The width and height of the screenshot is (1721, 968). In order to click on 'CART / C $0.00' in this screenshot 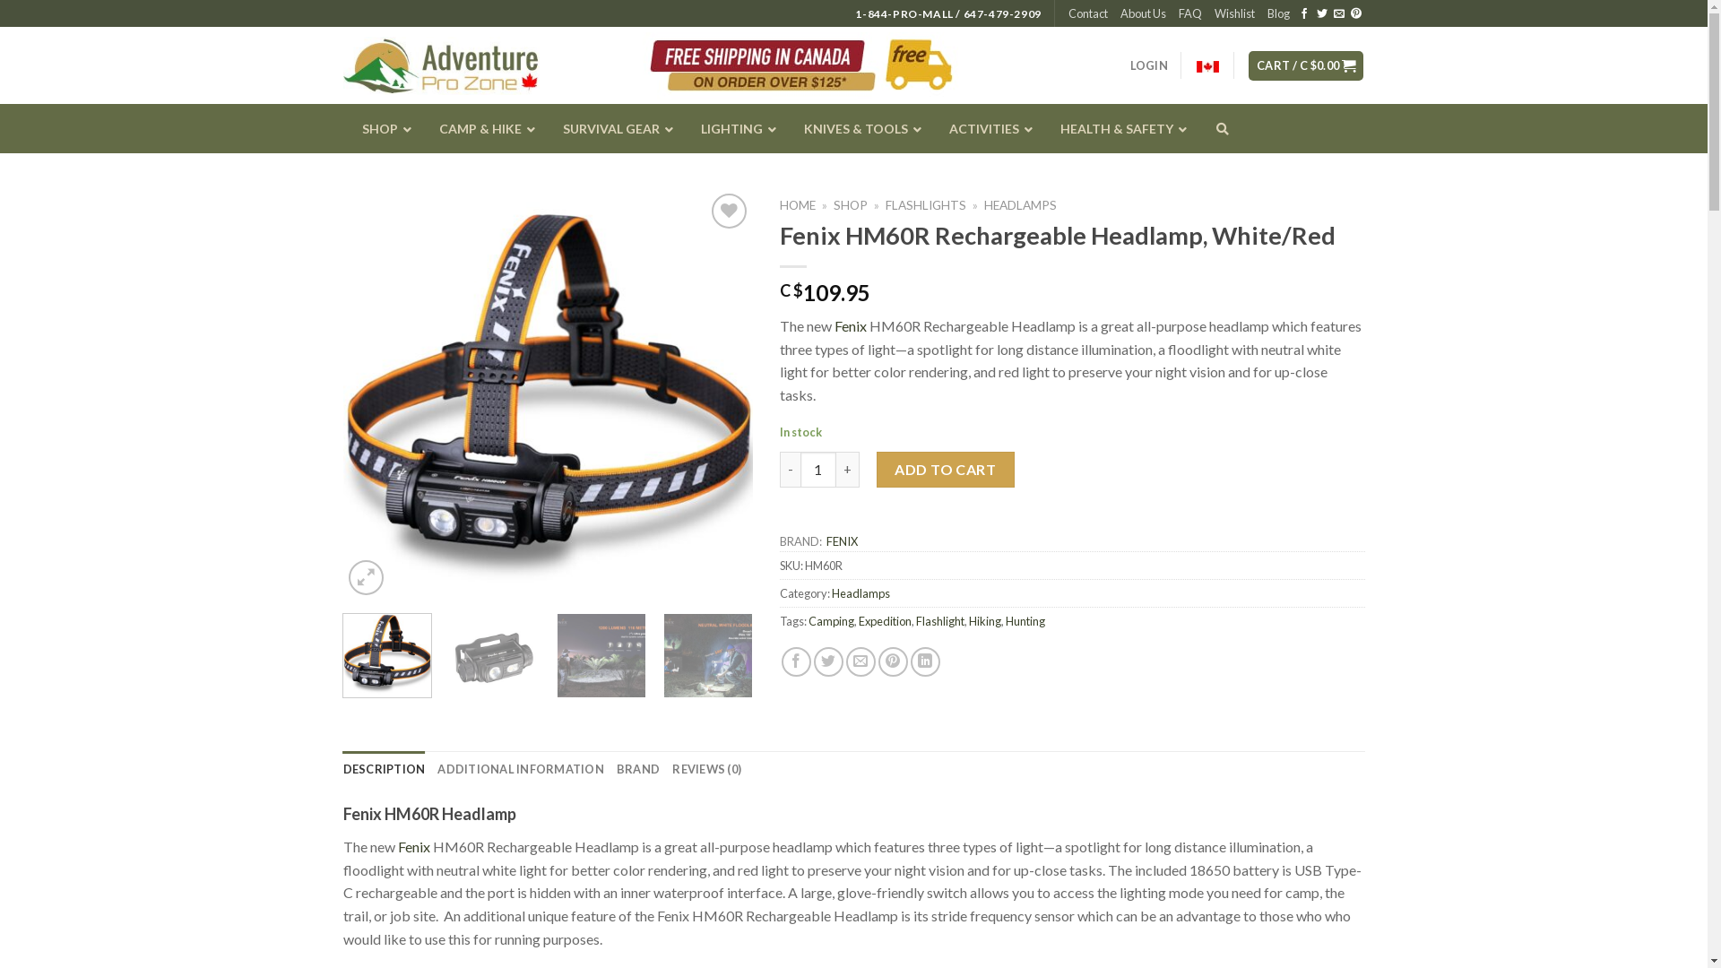, I will do `click(1306, 65)`.